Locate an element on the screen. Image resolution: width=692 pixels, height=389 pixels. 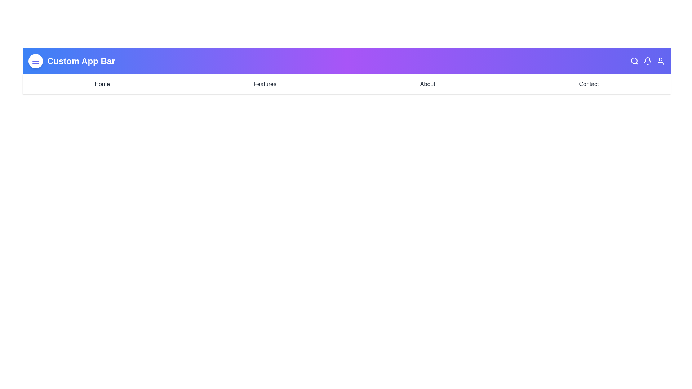
the navigation link labeled Contact is located at coordinates (589, 84).